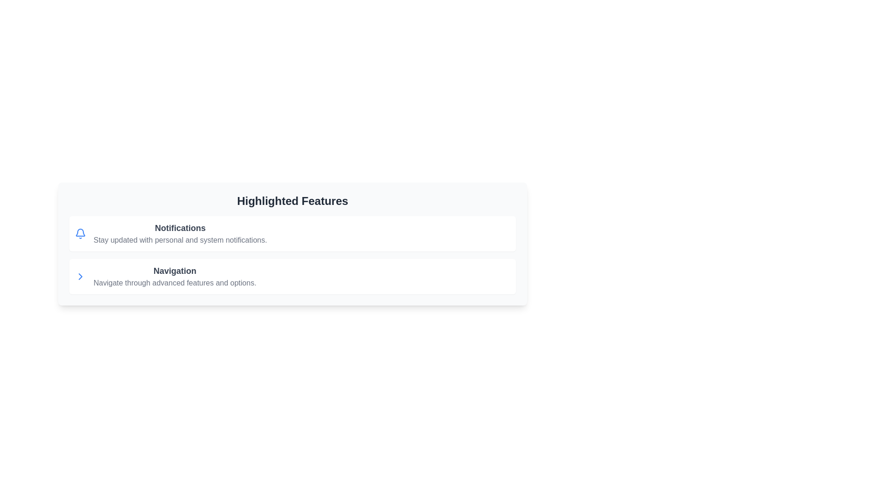 This screenshot has width=894, height=503. Describe the element at coordinates (180, 233) in the screenshot. I see `the first Text Label in the 'Highlighted Features' section` at that location.